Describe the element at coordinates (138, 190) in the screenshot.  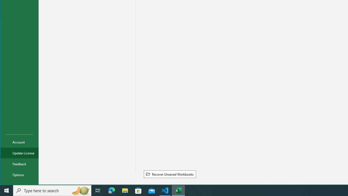
I see `'Microsoft Store'` at that location.